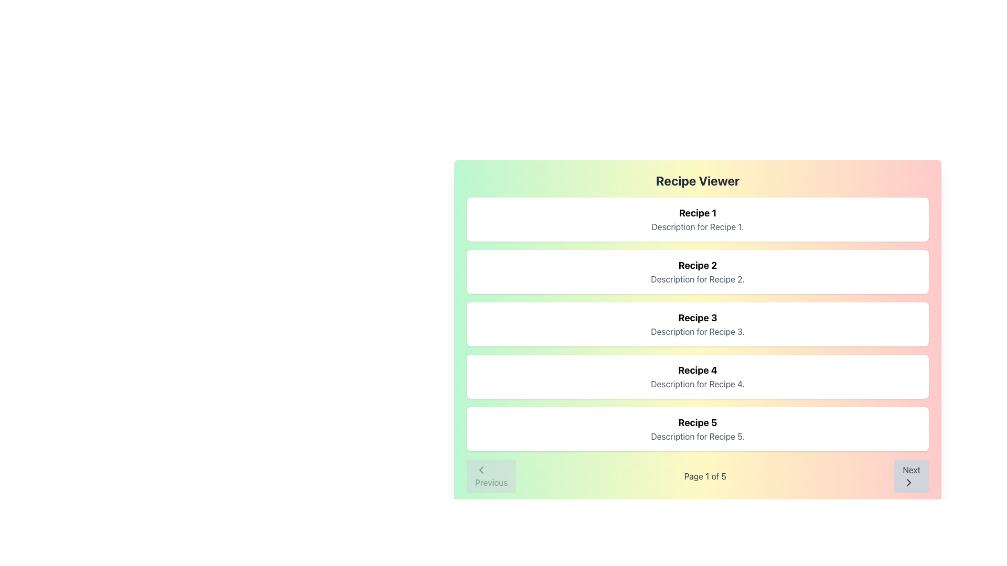 The width and height of the screenshot is (1007, 566). Describe the element at coordinates (908, 483) in the screenshot. I see `the right-facing chevron icon within the grey 'Next' button` at that location.